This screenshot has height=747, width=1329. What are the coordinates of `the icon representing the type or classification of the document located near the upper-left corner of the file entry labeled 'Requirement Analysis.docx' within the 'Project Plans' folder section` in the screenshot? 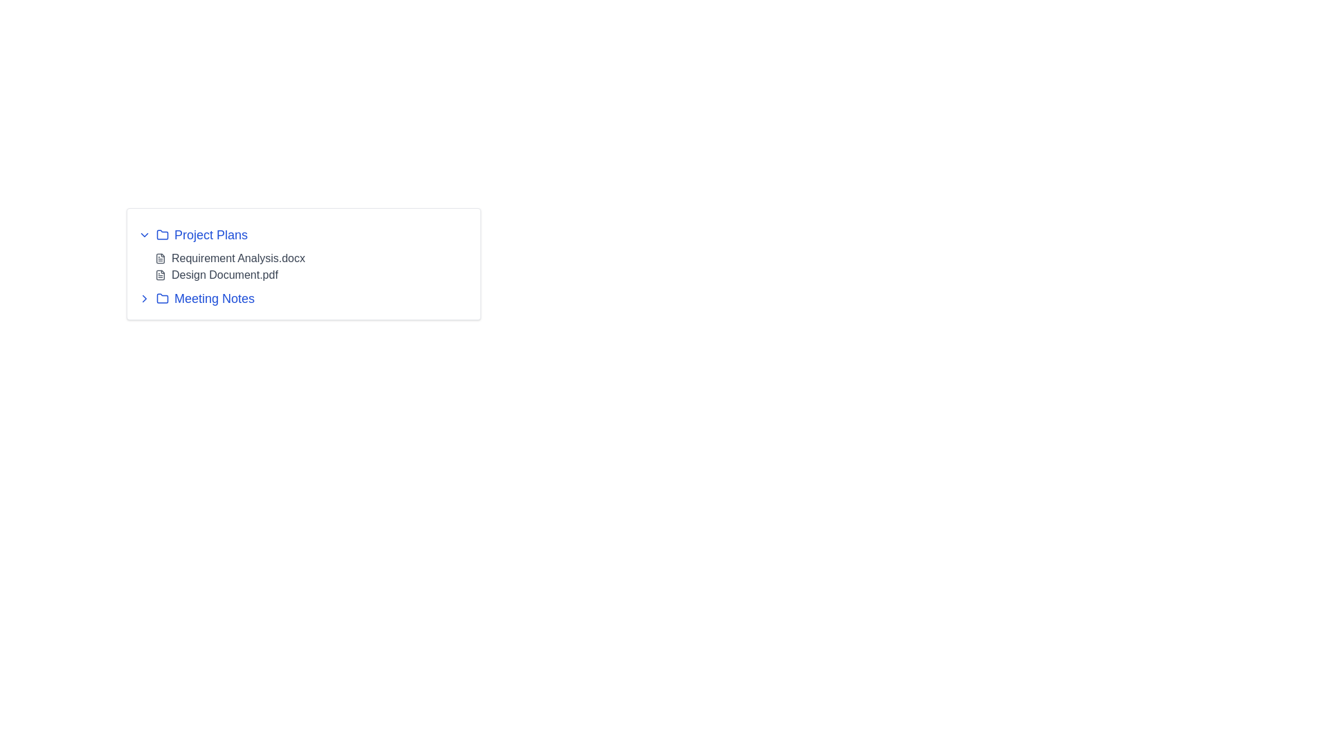 It's located at (160, 259).